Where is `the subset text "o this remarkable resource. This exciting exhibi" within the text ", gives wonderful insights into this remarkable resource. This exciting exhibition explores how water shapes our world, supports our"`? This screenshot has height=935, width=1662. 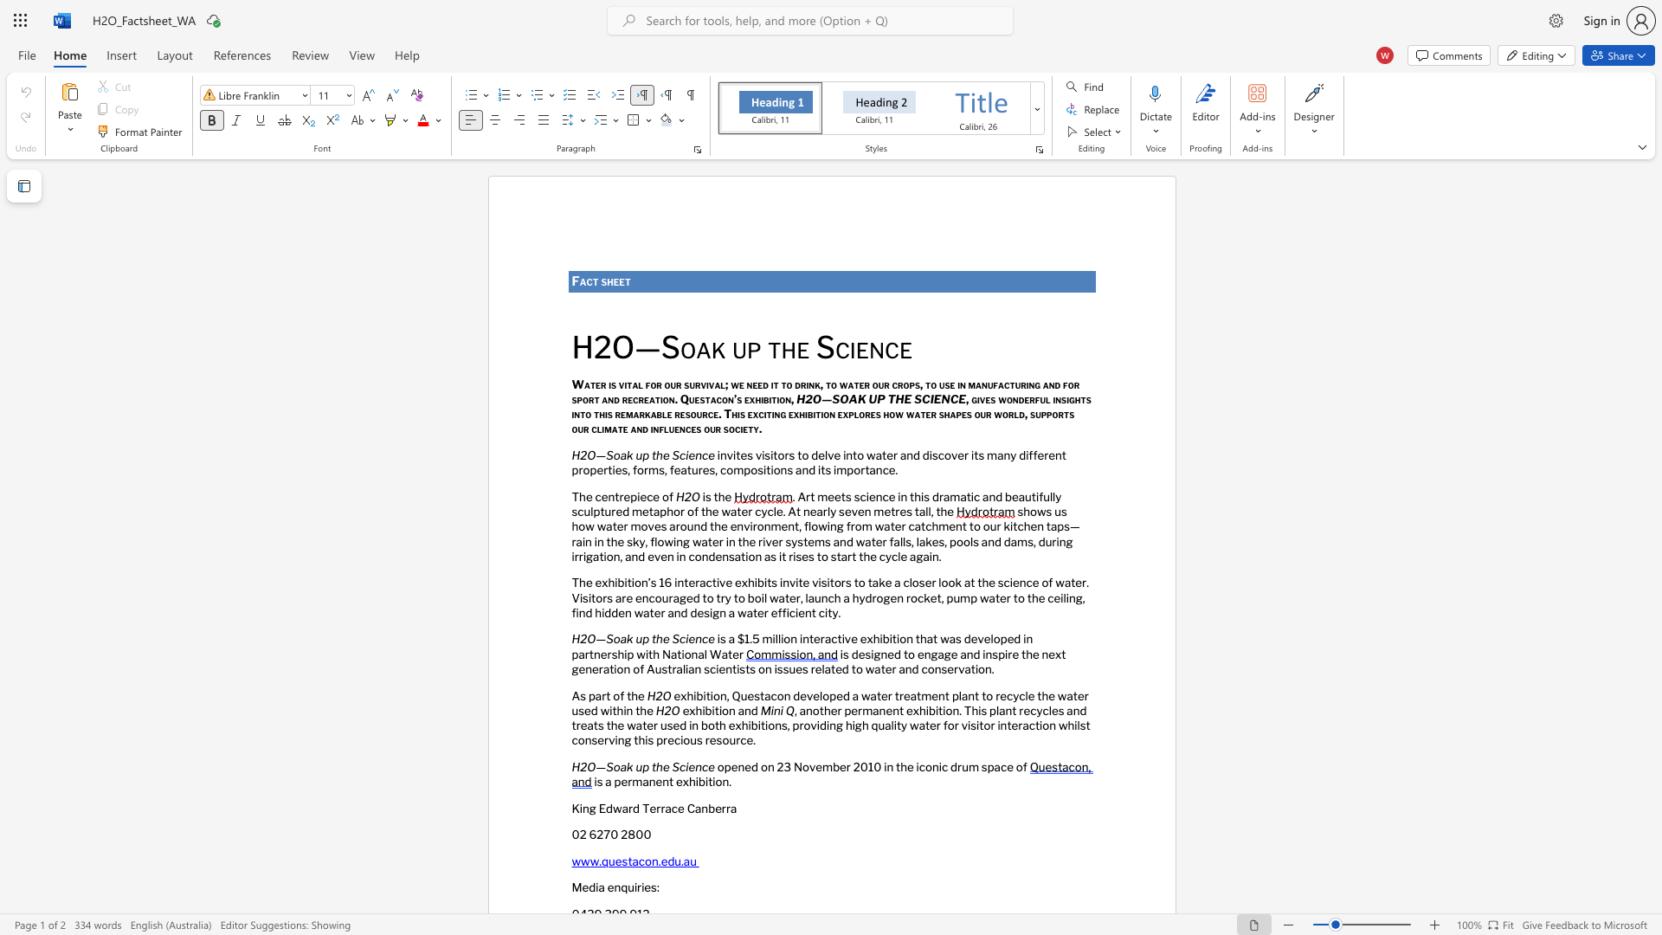
the subset text "o this remarkable resource. This exciting exhibi" within the text ", gives wonderful insights into this remarkable resource. This exciting exhibition explores how water shapes our world, supports our" is located at coordinates (585, 414).